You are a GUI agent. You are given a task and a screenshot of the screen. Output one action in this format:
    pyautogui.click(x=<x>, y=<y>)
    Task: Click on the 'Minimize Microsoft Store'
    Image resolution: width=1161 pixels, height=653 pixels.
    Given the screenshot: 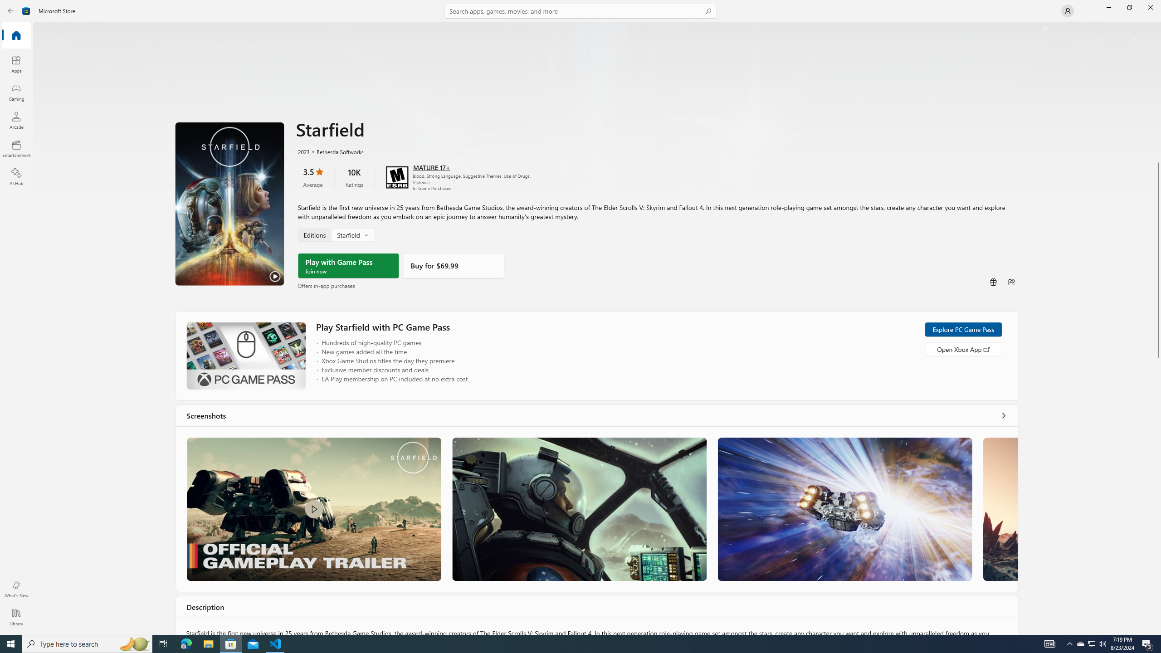 What is the action you would take?
    pyautogui.click(x=1108, y=7)
    